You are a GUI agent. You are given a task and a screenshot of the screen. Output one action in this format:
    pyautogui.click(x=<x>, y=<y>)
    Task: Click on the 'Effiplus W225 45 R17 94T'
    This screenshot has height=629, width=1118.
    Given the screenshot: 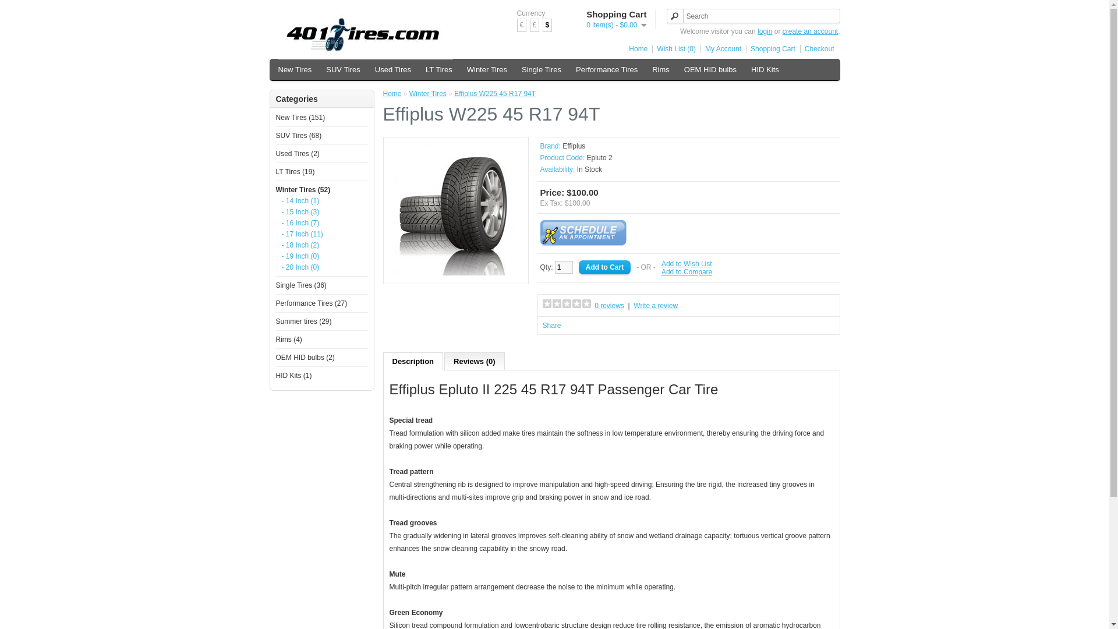 What is the action you would take?
    pyautogui.click(x=455, y=209)
    